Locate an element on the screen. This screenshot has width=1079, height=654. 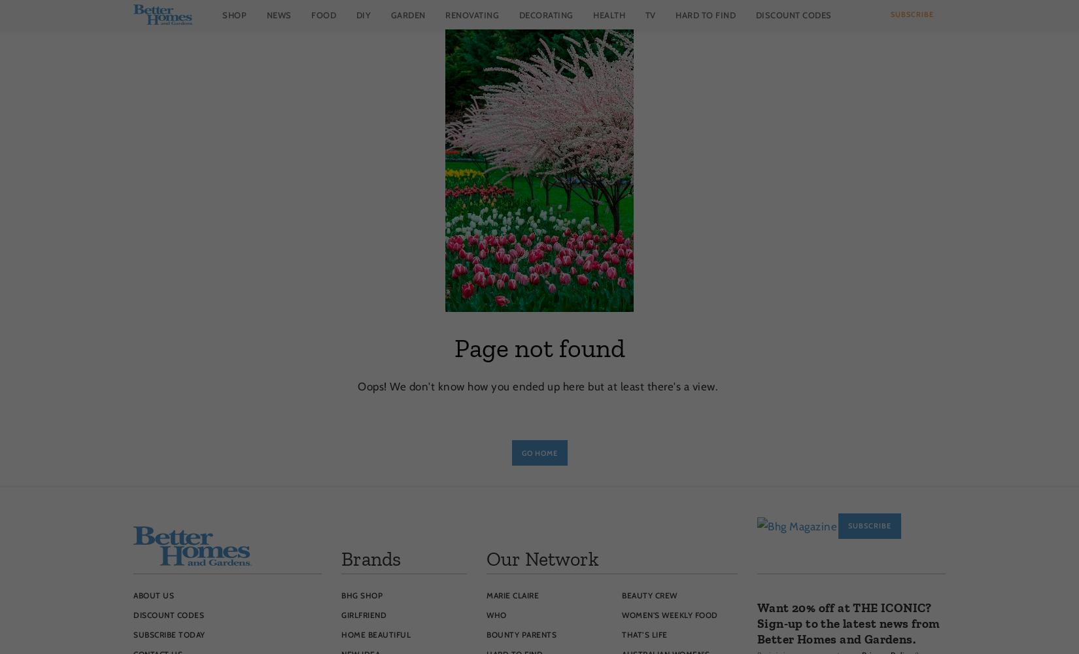
'Thanks!' is located at coordinates (850, 629).